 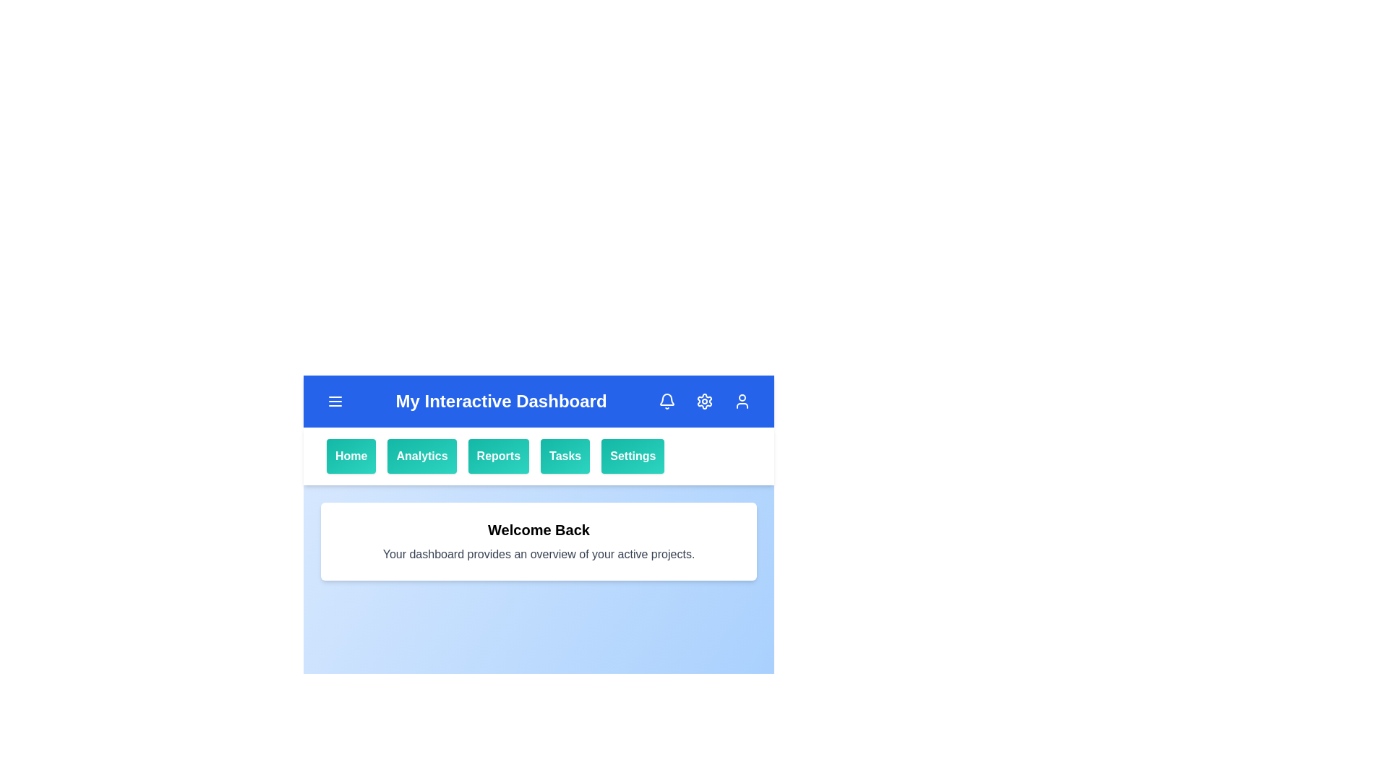 I want to click on the bell_icon to observe the hover effect, so click(x=666, y=401).